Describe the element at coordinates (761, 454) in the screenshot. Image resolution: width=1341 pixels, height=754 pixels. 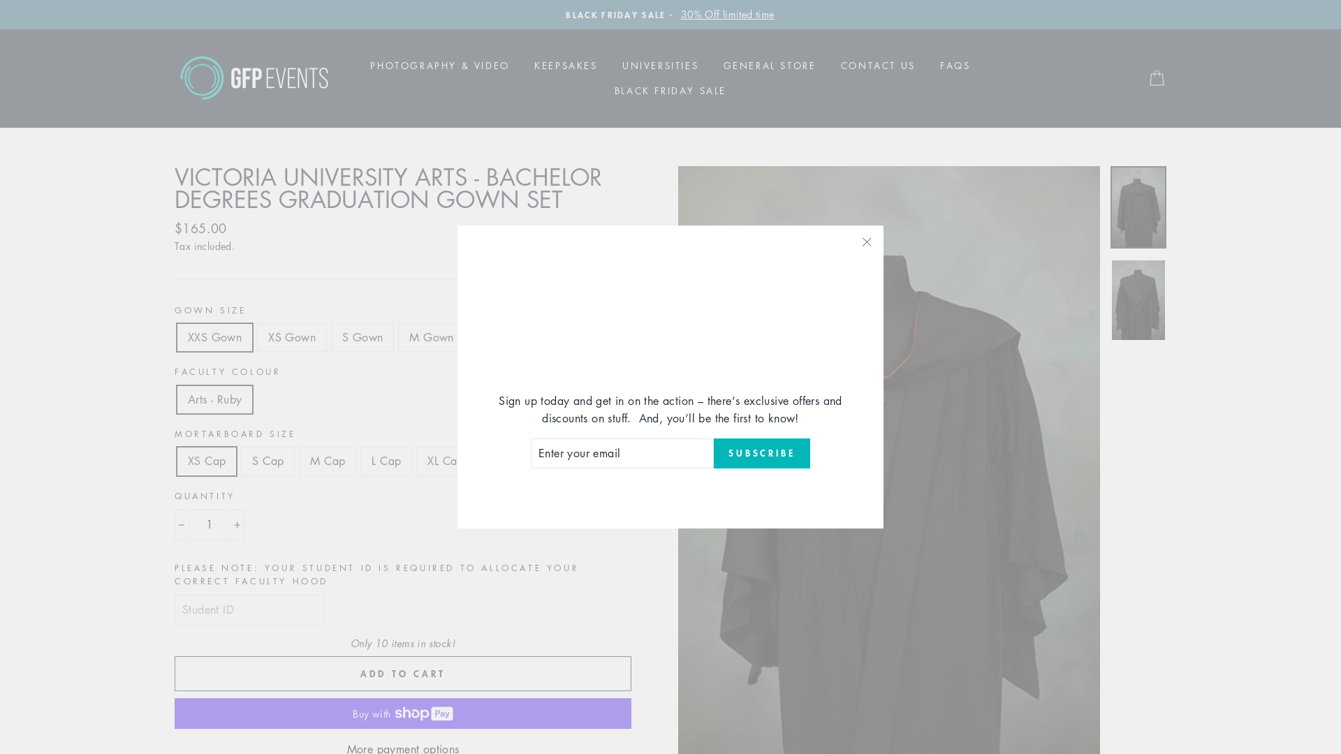
I see `'SUBSCRIBE'` at that location.